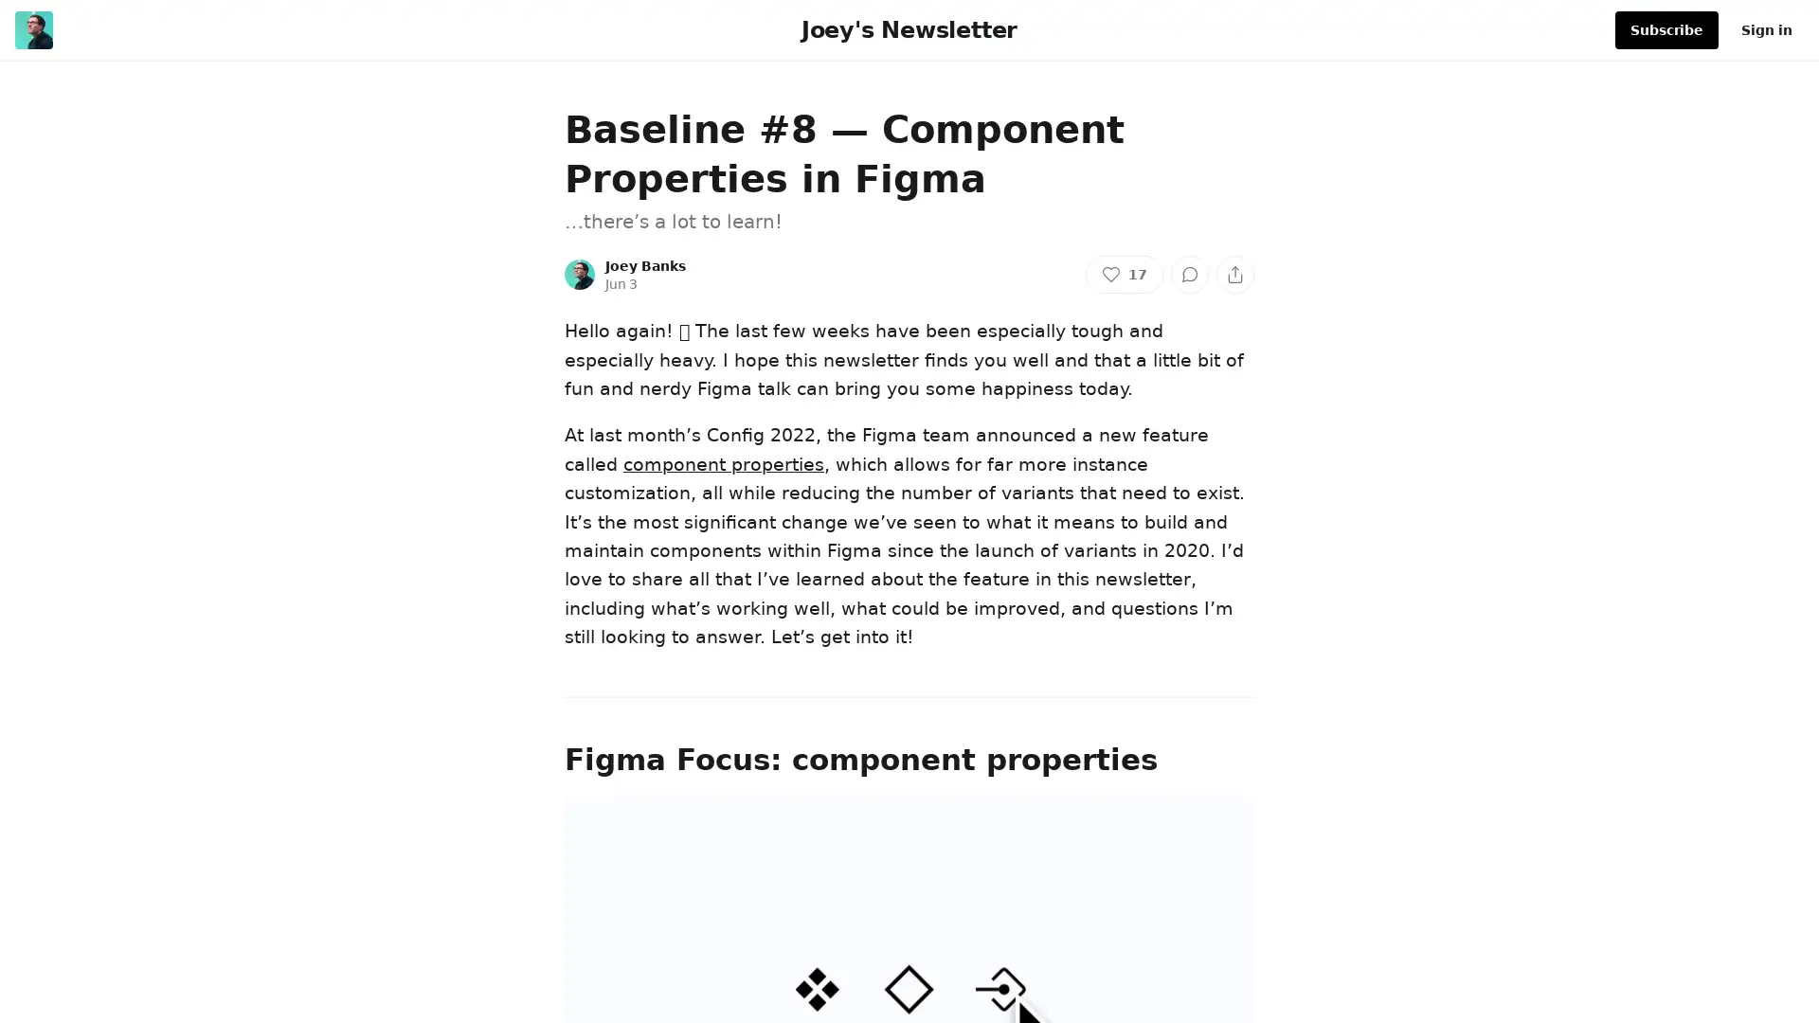 The width and height of the screenshot is (1819, 1023). What do you see at coordinates (1666, 29) in the screenshot?
I see `Subscribe` at bounding box center [1666, 29].